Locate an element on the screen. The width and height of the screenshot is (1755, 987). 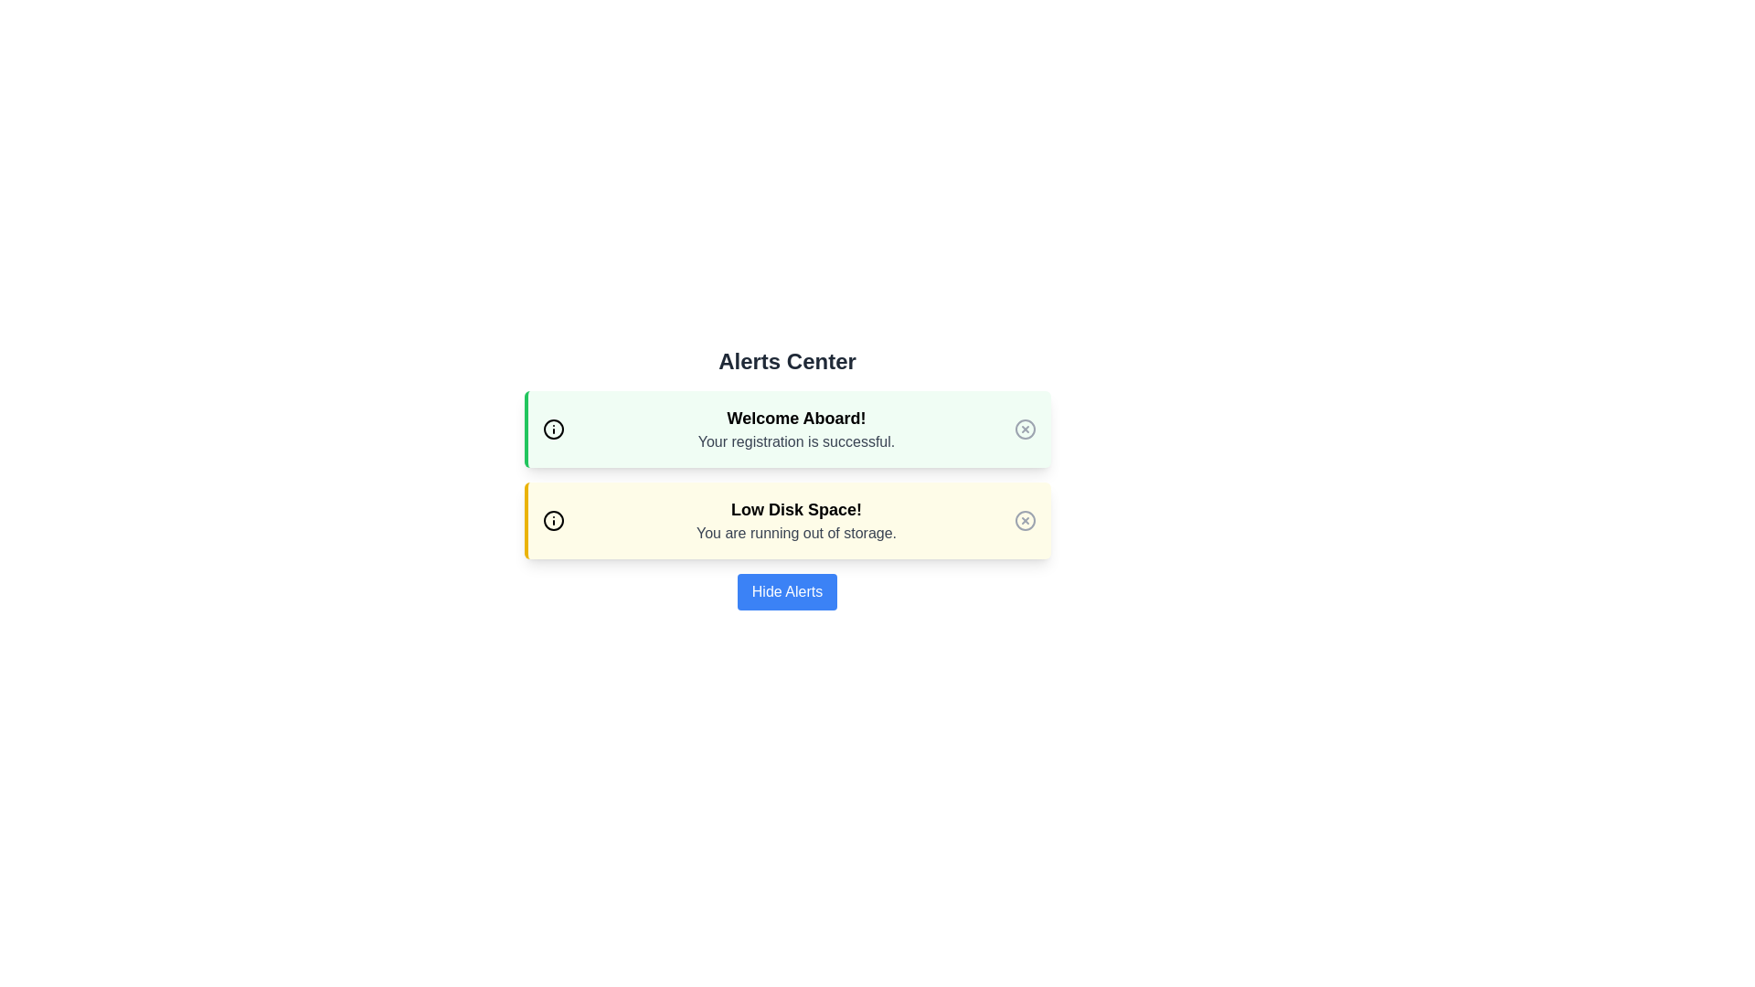
the bold text label displaying 'Low Disk Space!' within the notification box that appears in the alerts section, positioned prominently below the 'Welcome Aboard!' notification is located at coordinates (796, 510).